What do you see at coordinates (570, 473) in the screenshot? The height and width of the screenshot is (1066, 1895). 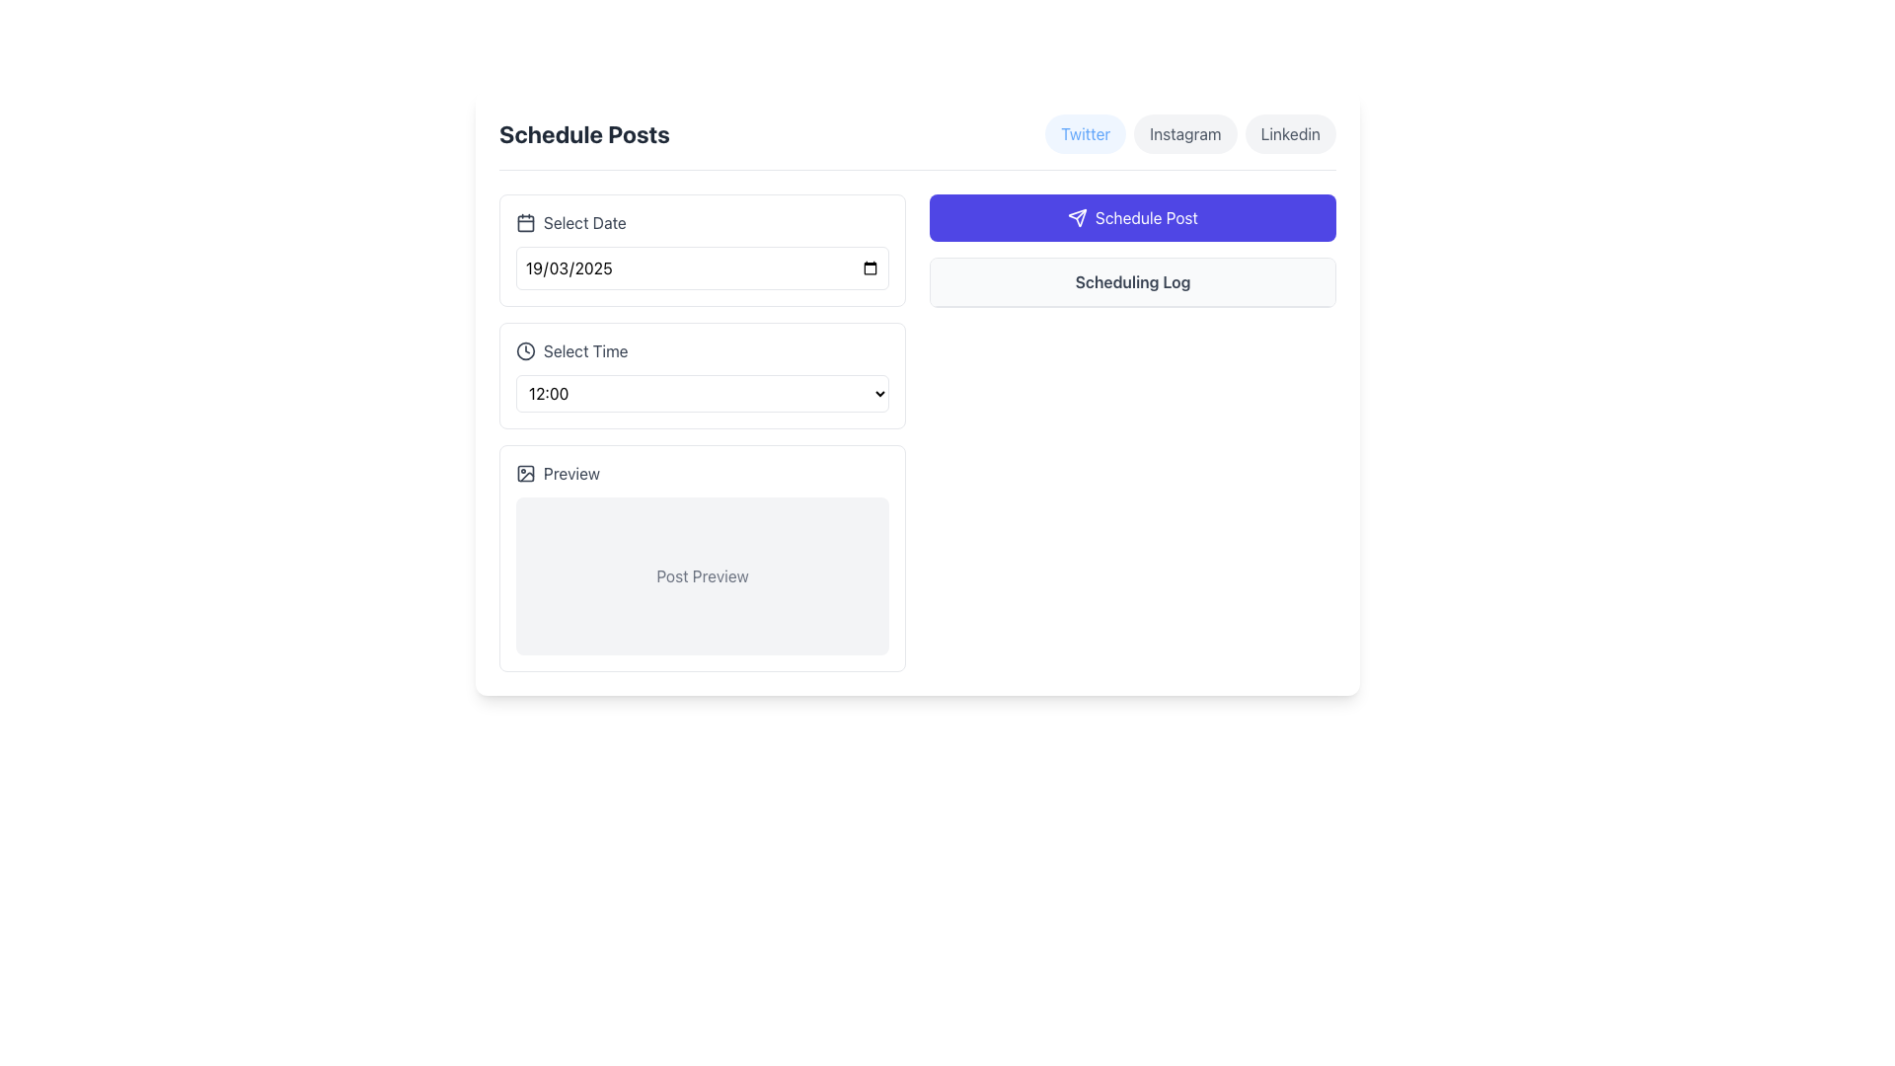 I see `the 'Preview' text label, which is styled with dark text color and positioned to the right of an image icon in a horizontal grouping` at bounding box center [570, 473].